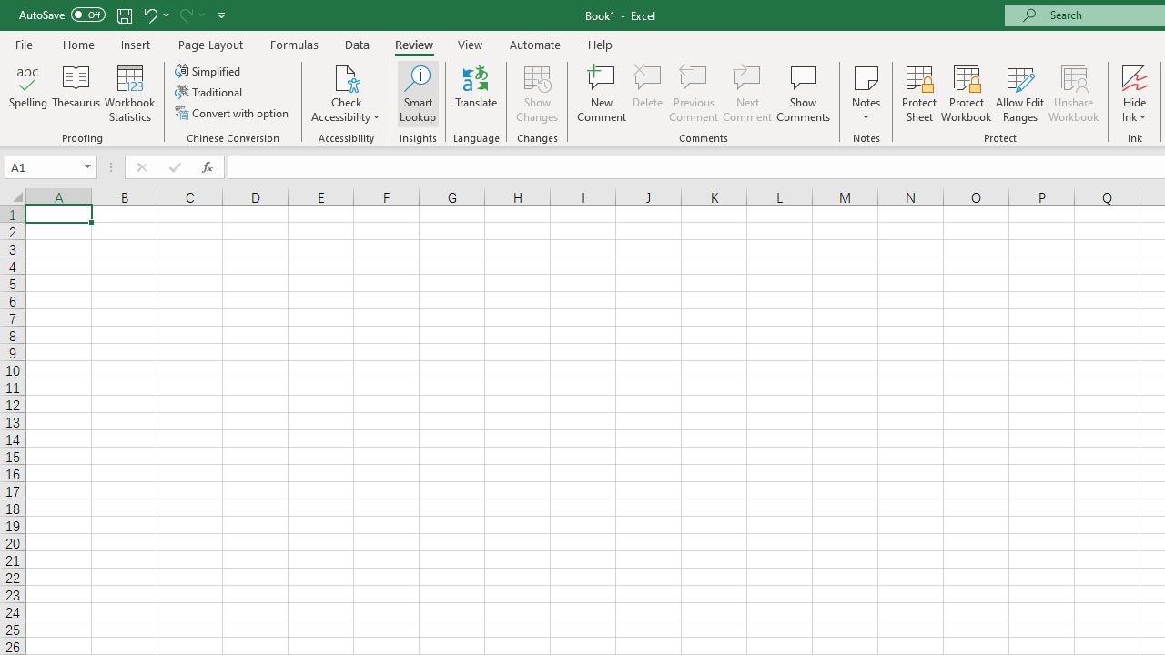  Describe the element at coordinates (965, 94) in the screenshot. I see `'Protect Workbook...'` at that location.